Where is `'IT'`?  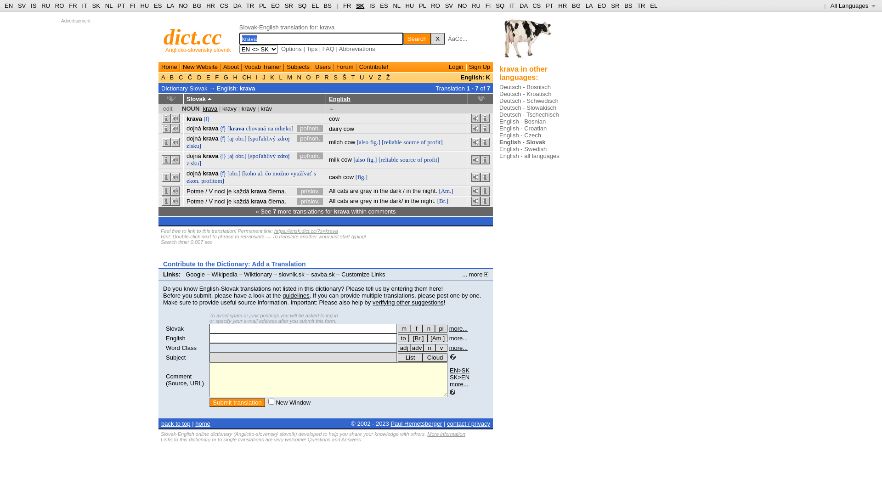 'IT' is located at coordinates (509, 6).